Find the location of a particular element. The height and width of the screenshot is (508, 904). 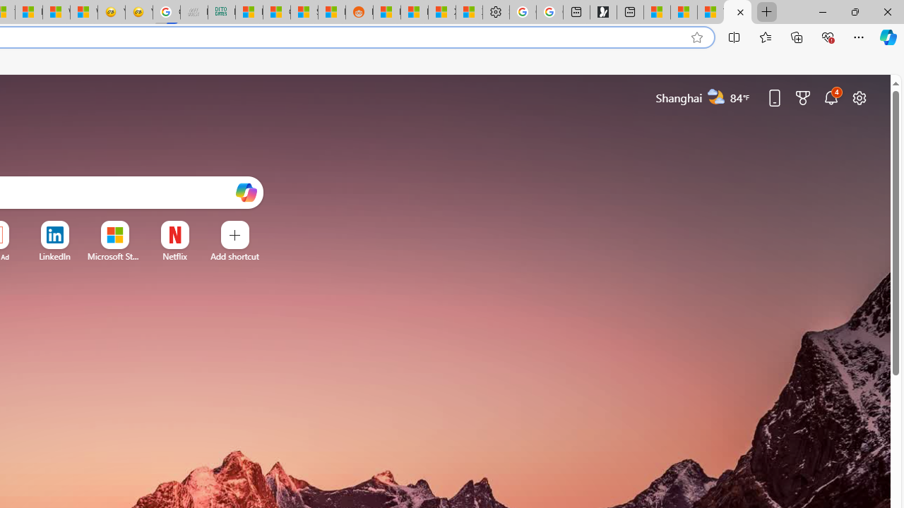

'These 3 Stocks Pay You More Than 5% to Own Them' is located at coordinates (710, 12).